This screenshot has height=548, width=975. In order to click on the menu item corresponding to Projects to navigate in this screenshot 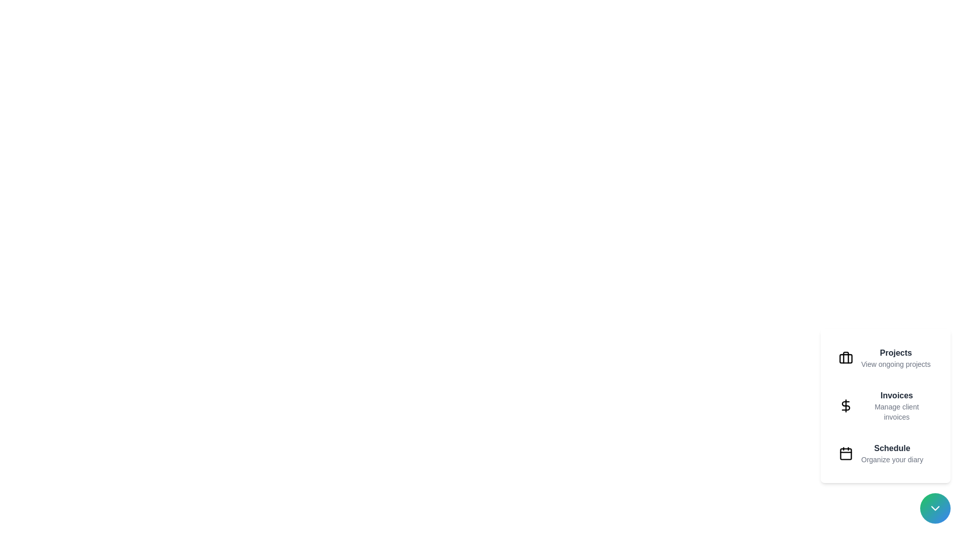, I will do `click(885, 357)`.